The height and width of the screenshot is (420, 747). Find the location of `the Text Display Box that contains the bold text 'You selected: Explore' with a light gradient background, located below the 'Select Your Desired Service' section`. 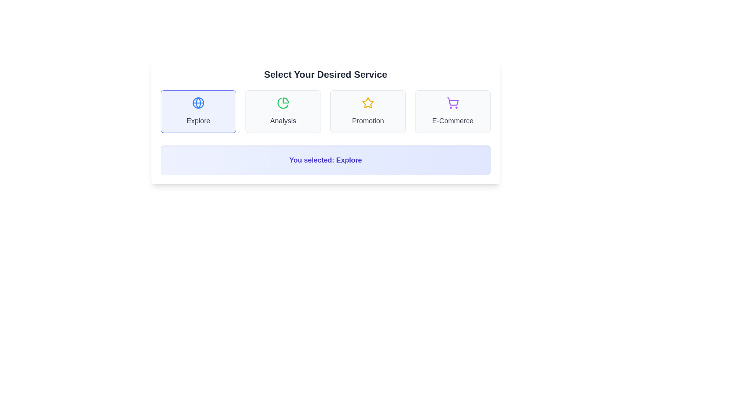

the Text Display Box that contains the bold text 'You selected: Explore' with a light gradient background, located below the 'Select Your Desired Service' section is located at coordinates (325, 160).